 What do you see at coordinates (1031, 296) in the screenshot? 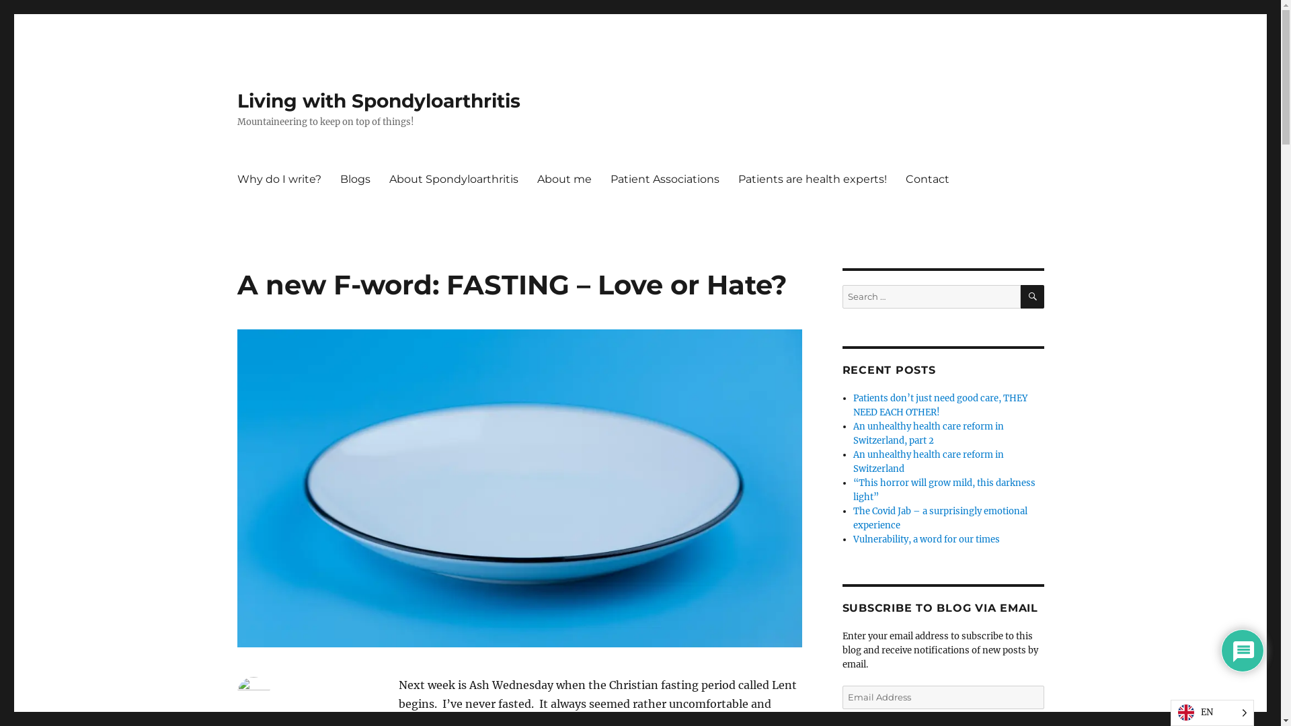
I see `'SEARCH'` at bounding box center [1031, 296].